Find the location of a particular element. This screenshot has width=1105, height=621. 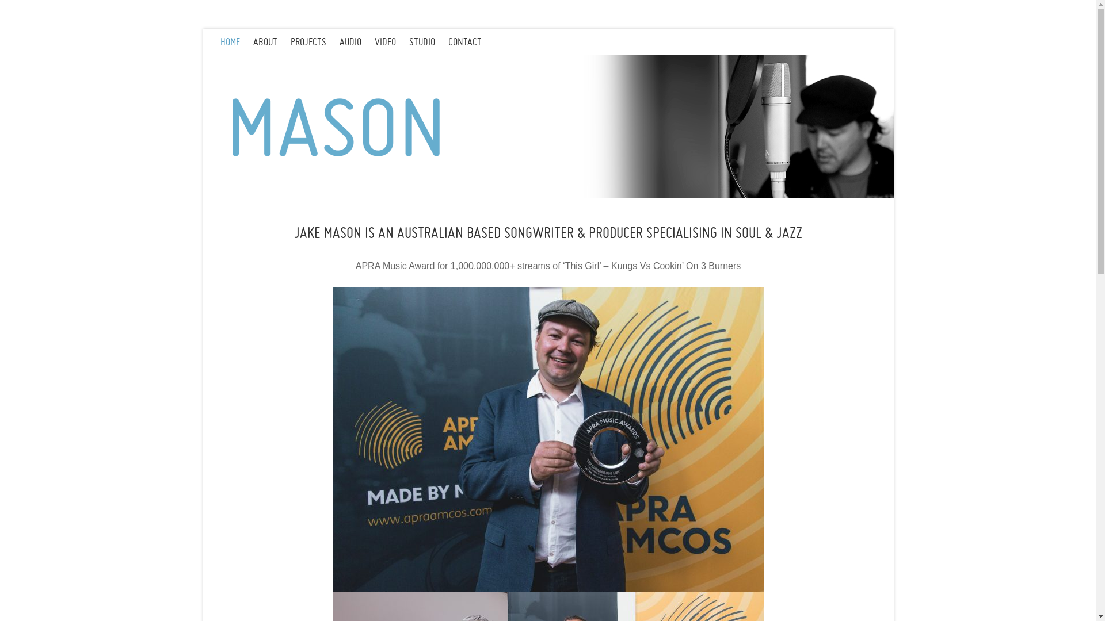

'AUDIO' is located at coordinates (356, 41).